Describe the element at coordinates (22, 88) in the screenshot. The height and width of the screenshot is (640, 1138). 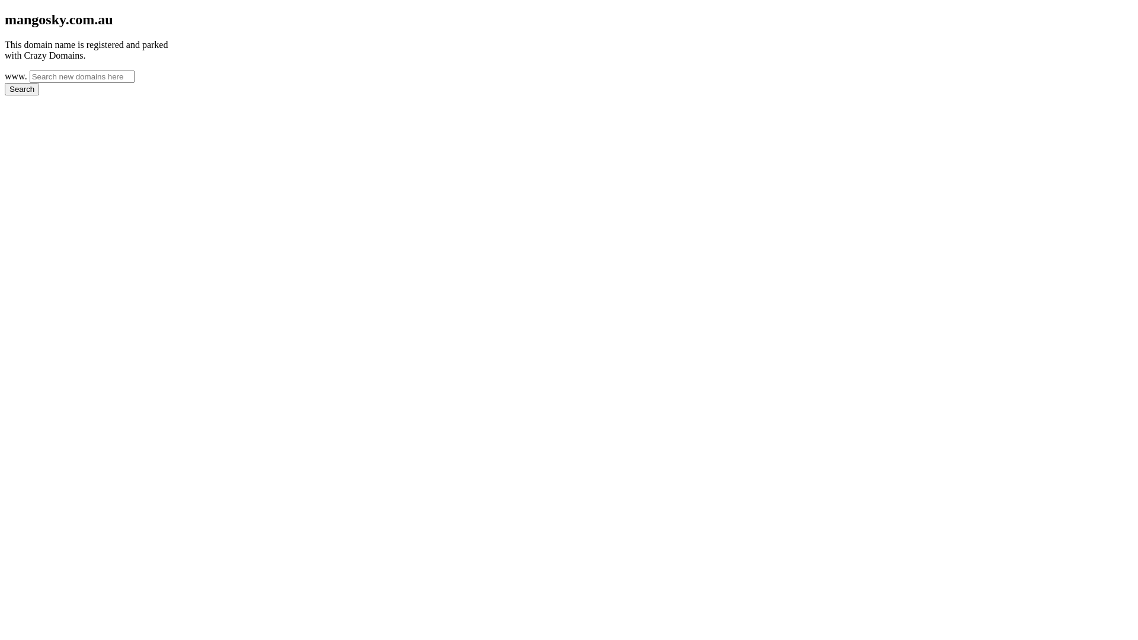
I see `'Search'` at that location.